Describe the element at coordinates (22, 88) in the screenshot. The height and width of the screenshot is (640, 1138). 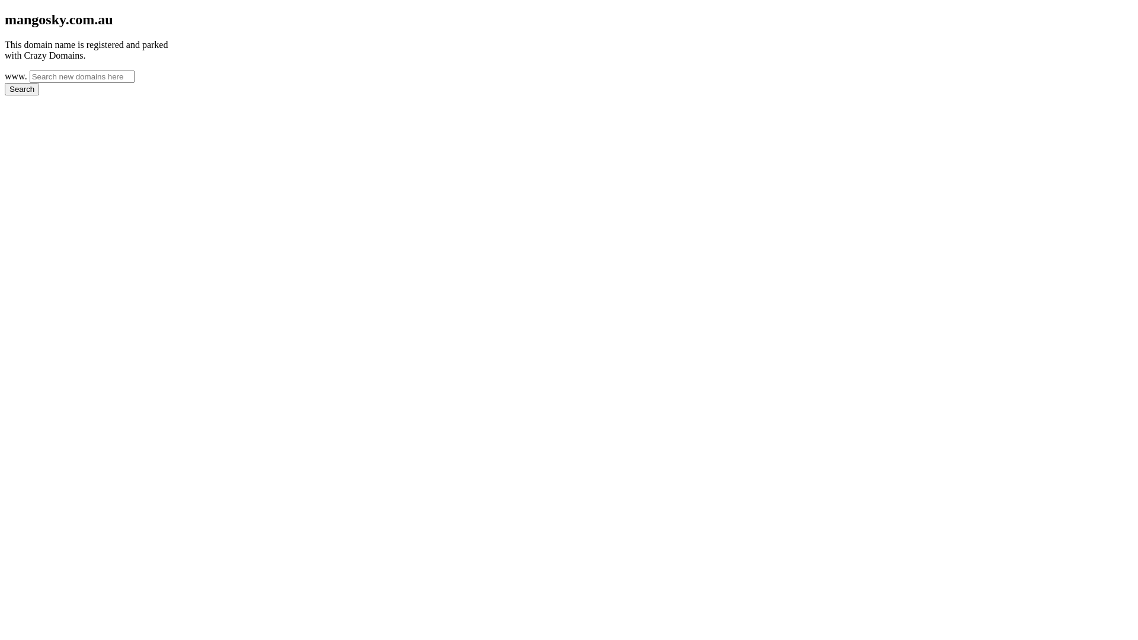
I see `'Search'` at that location.